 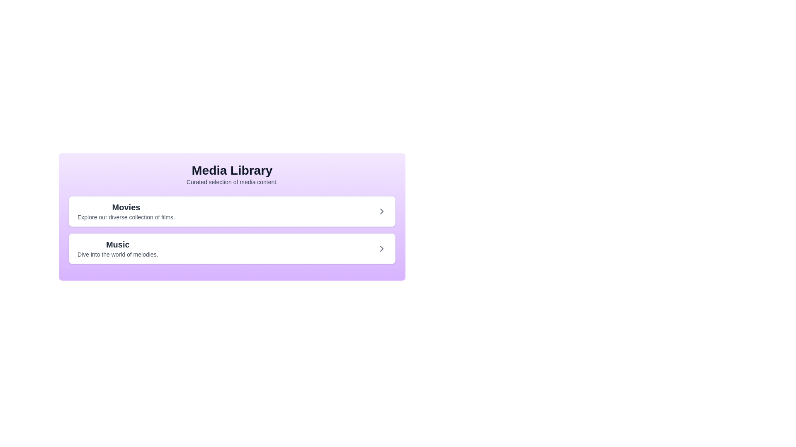 I want to click on the chevron icon located at the far-right edge of the 'Movies' card, so click(x=381, y=211).